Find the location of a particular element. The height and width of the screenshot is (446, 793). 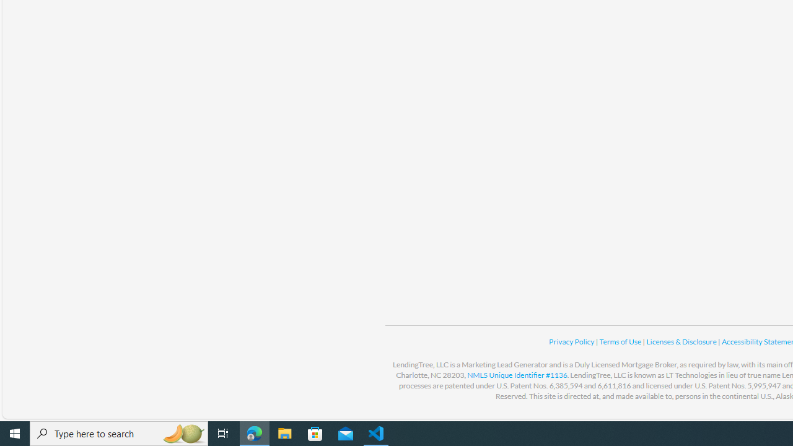

'NMLS Unique Identifier #1136' is located at coordinates (517, 374).